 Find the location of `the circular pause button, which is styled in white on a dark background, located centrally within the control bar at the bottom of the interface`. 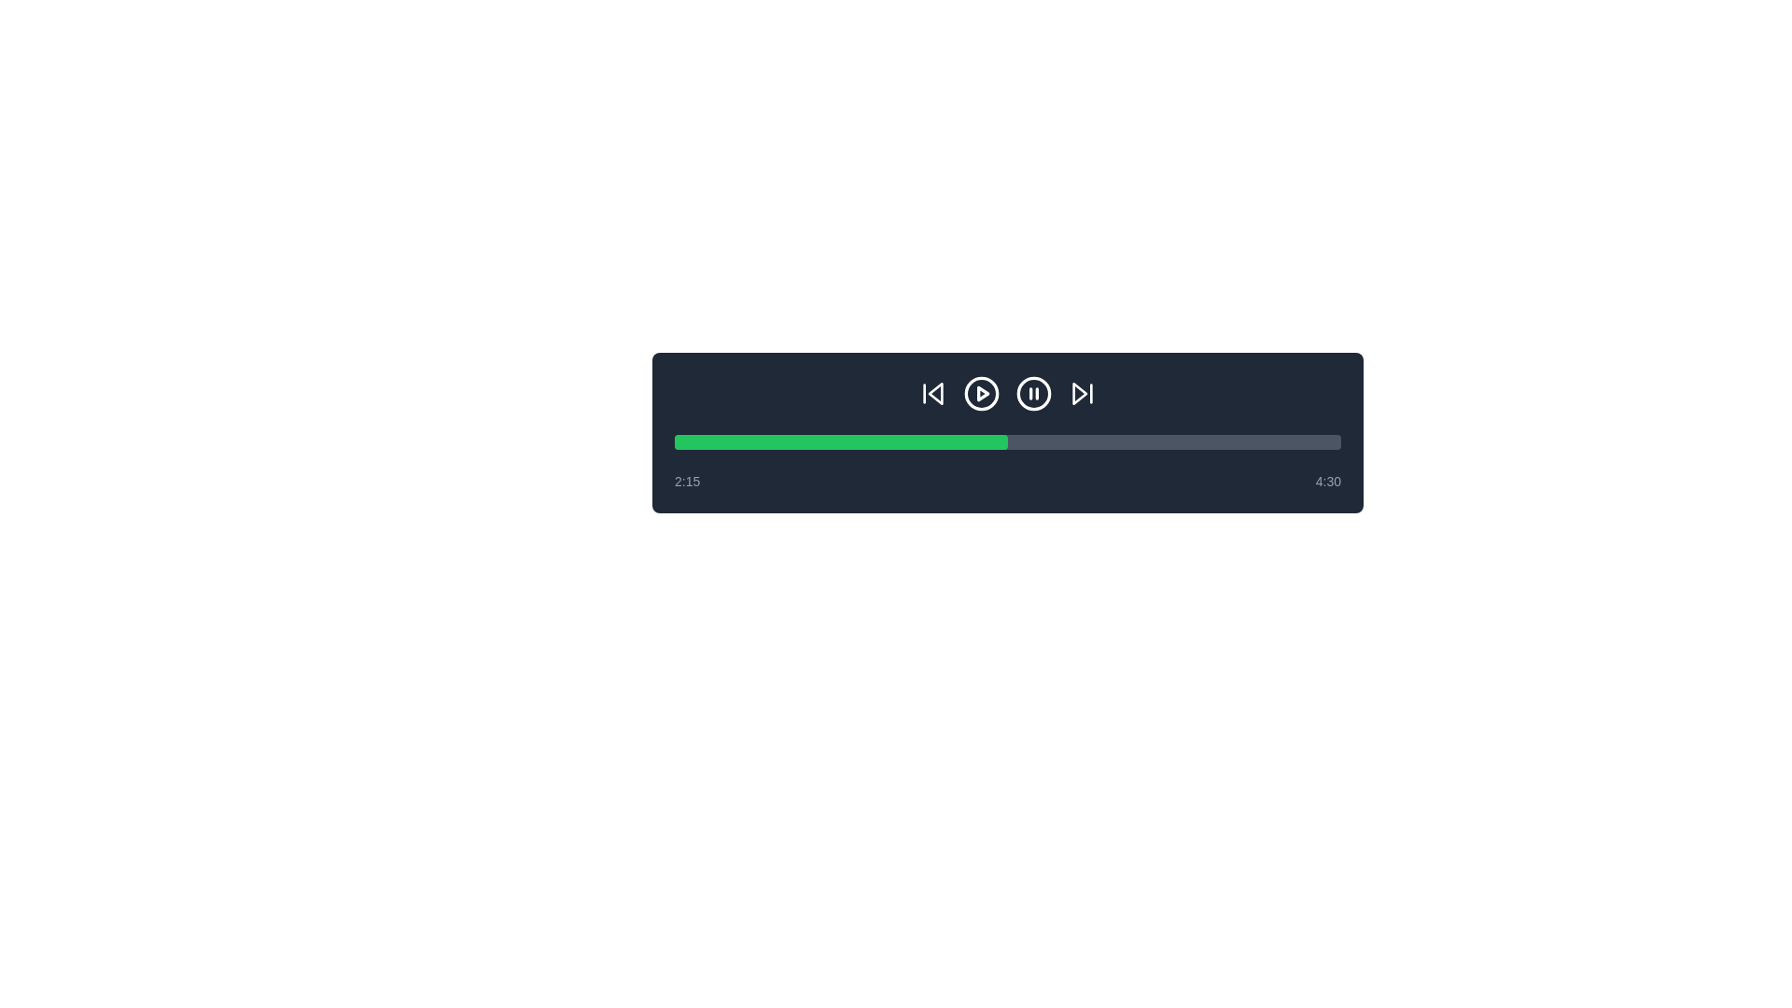

the circular pause button, which is styled in white on a dark background, located centrally within the control bar at the bottom of the interface is located at coordinates (1033, 392).